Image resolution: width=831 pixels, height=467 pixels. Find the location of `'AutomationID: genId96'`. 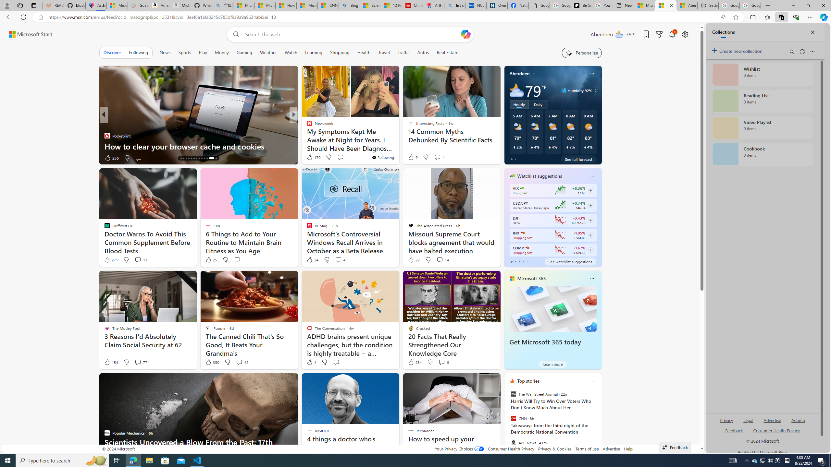

'AutomationID: genId96' is located at coordinates (733, 433).